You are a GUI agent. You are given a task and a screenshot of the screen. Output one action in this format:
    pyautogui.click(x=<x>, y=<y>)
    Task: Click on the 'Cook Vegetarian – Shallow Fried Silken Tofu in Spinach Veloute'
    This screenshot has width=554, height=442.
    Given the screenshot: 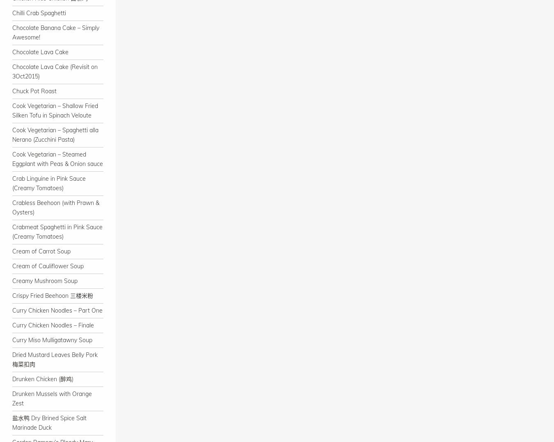 What is the action you would take?
    pyautogui.click(x=55, y=110)
    